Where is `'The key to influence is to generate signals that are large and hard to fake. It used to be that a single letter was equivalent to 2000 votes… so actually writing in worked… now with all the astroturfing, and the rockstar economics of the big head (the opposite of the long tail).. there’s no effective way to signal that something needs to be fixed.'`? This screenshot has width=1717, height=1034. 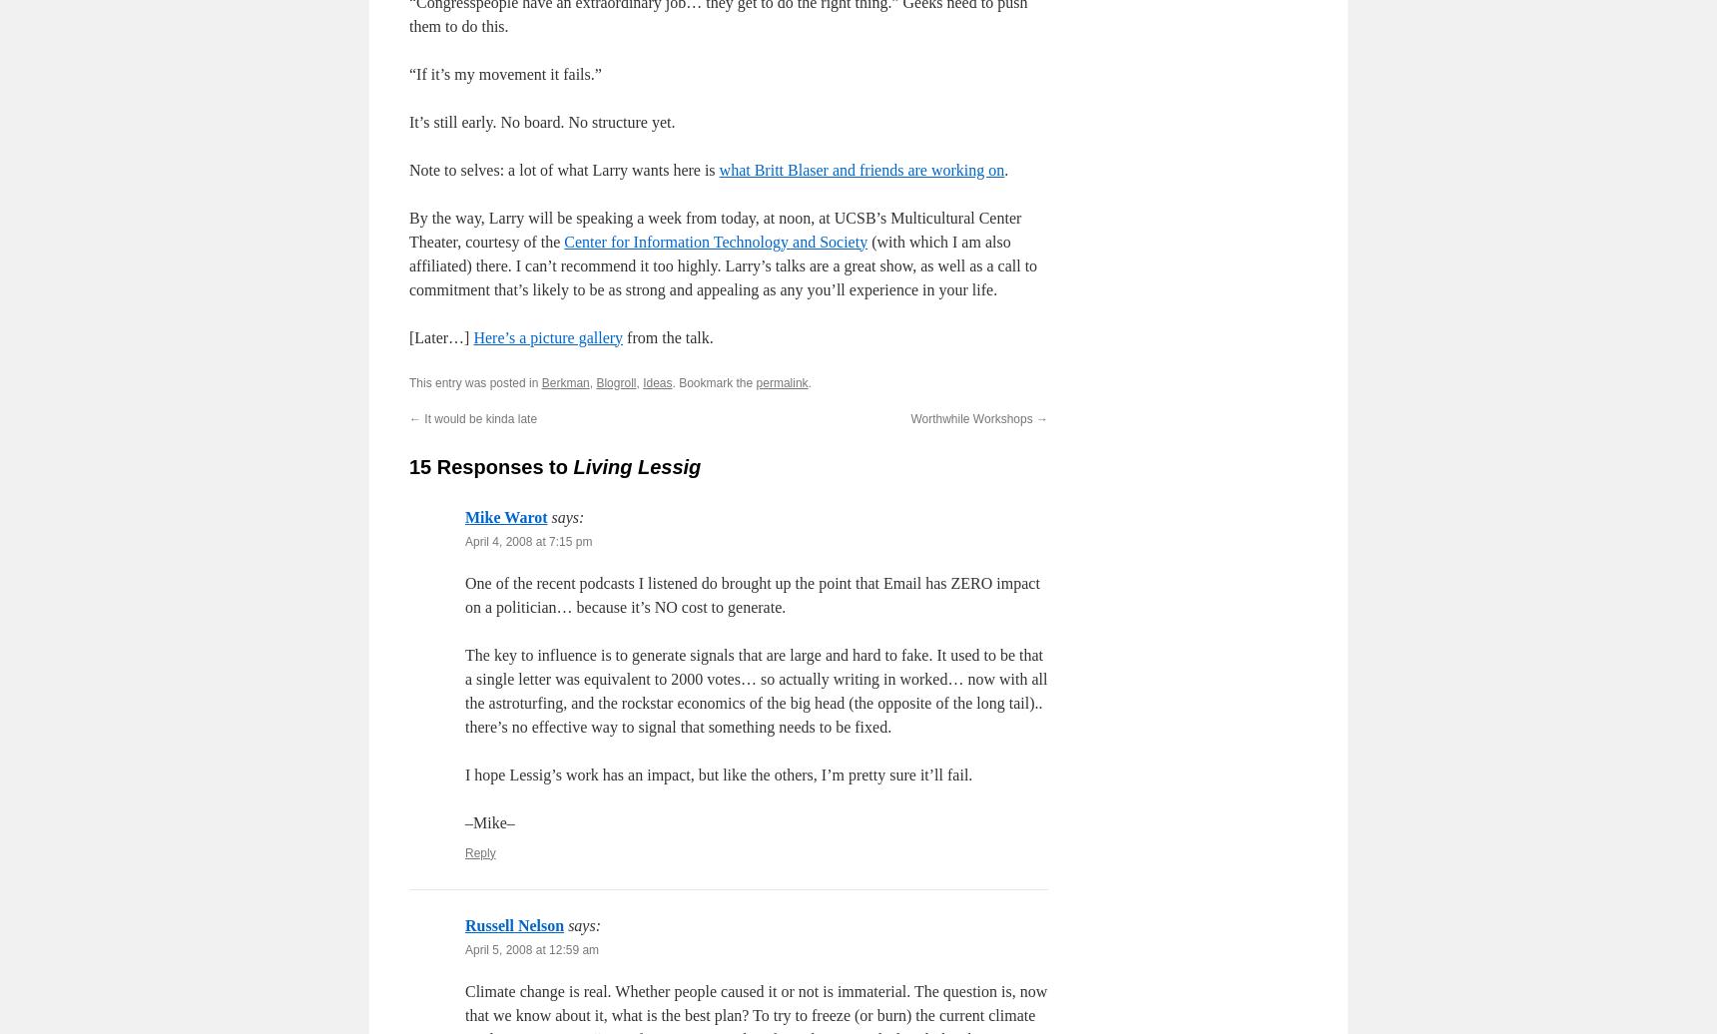
'The key to influence is to generate signals that are large and hard to fake. It used to be that a single letter was equivalent to 2000 votes… so actually writing in worked… now with all the astroturfing, and the rockstar economics of the big head (the opposite of the long tail).. there’s no effective way to signal that something needs to be fixed.' is located at coordinates (755, 690).